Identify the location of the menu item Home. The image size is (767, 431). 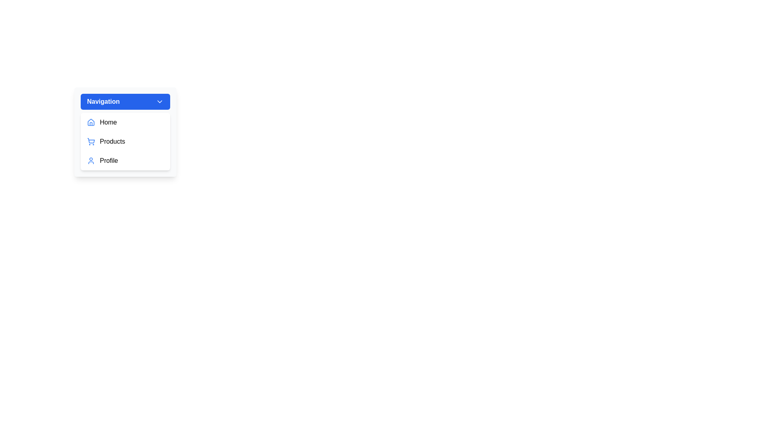
(125, 123).